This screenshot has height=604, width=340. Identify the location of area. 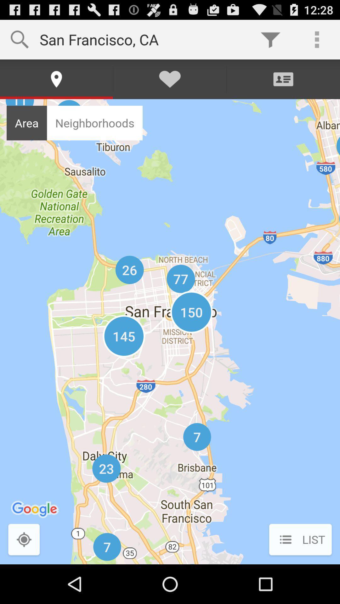
(26, 123).